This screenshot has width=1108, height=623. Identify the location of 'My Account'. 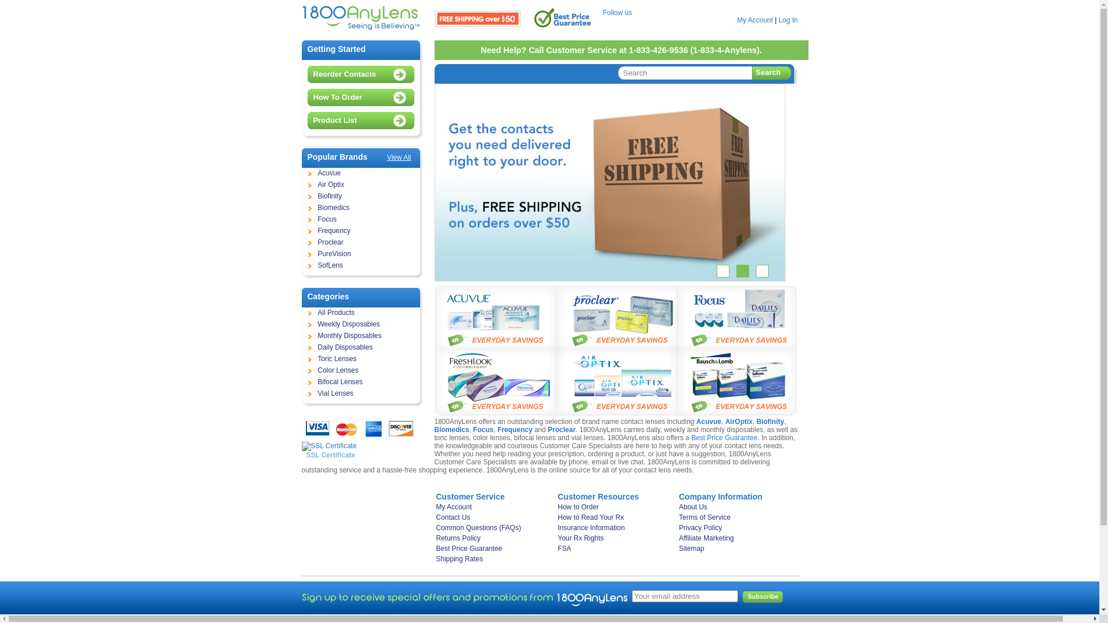
(736, 20).